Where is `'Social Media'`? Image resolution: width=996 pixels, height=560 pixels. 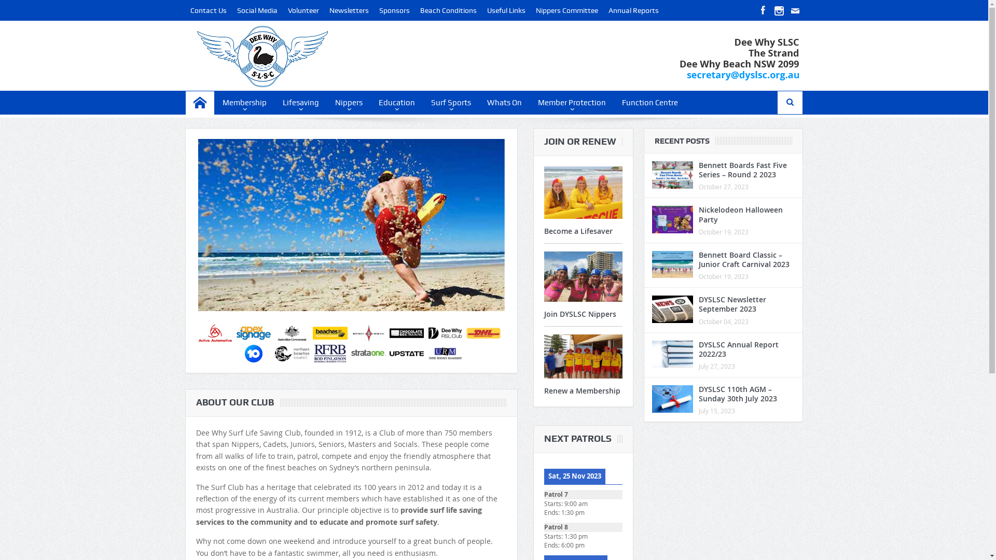
'Social Media' is located at coordinates (257, 10).